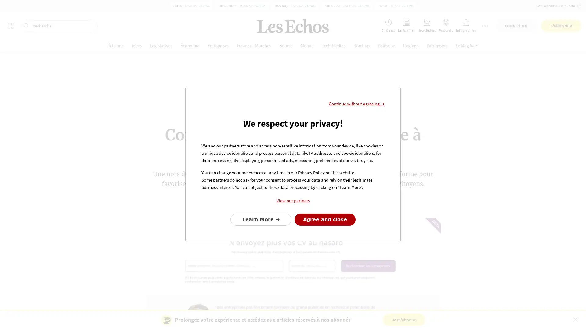 This screenshot has height=329, width=586. What do you see at coordinates (515, 8) in the screenshot?
I see `CONNEXION` at bounding box center [515, 8].